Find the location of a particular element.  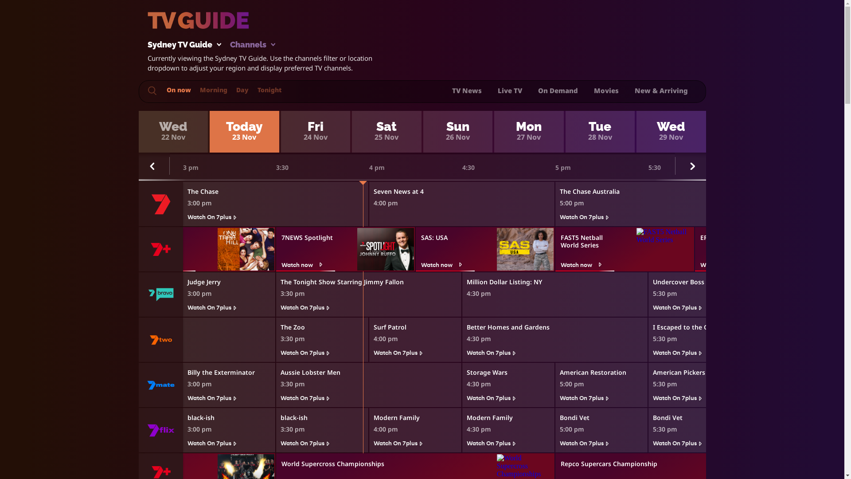

'Live TV' is located at coordinates (509, 90).